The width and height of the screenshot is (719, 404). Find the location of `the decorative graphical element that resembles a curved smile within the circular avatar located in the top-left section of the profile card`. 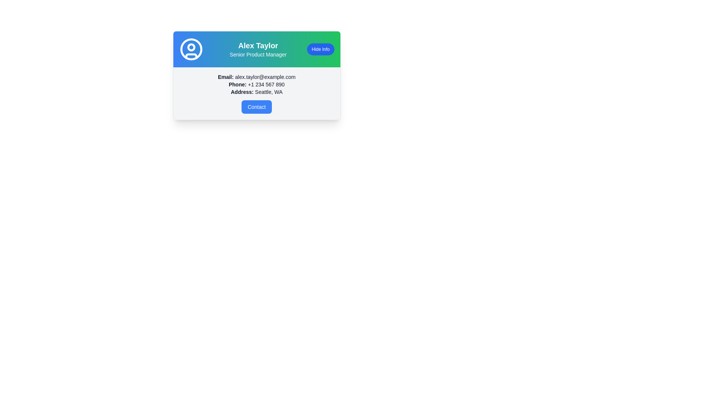

the decorative graphical element that resembles a curved smile within the circular avatar located in the top-left section of the profile card is located at coordinates (191, 56).